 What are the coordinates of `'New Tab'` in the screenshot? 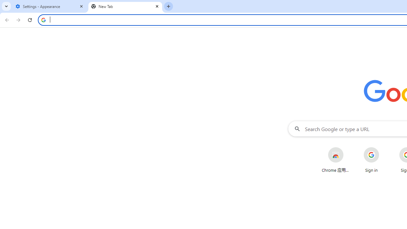 It's located at (125, 6).